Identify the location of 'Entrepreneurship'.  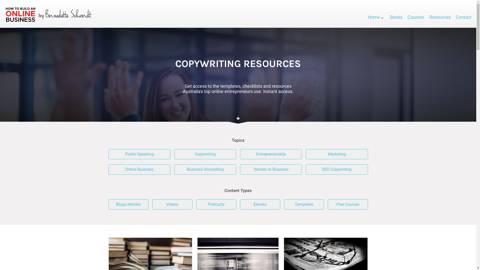
(240, 154).